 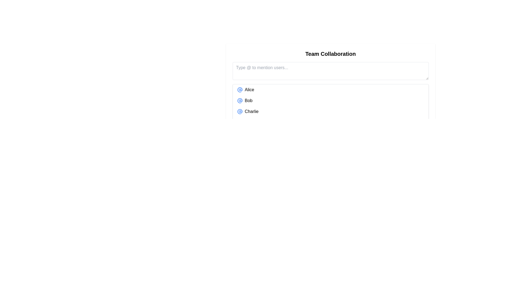 I want to click on the '@' icon used for tagging or referencing the user named Charlie, which is located to the far left of the label 'Charlie' in a list format, so click(x=240, y=111).